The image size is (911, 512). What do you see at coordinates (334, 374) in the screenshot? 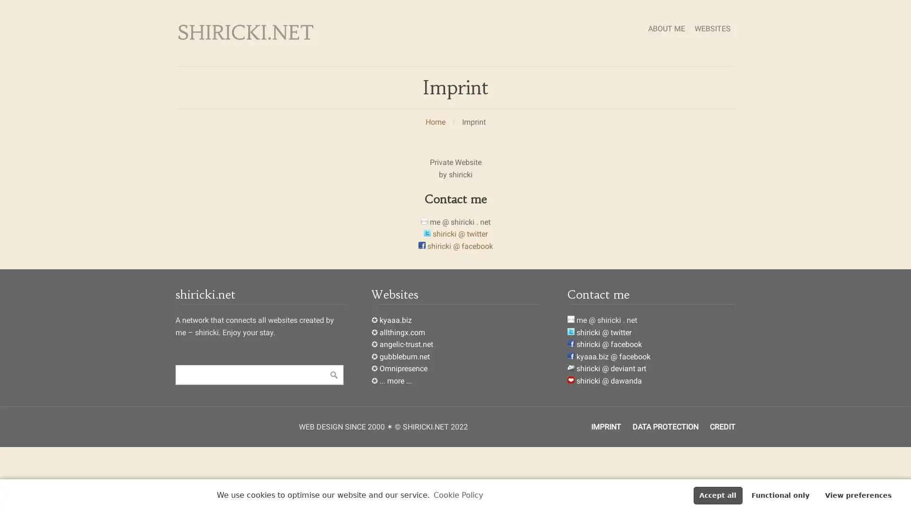
I see `Suche` at bounding box center [334, 374].